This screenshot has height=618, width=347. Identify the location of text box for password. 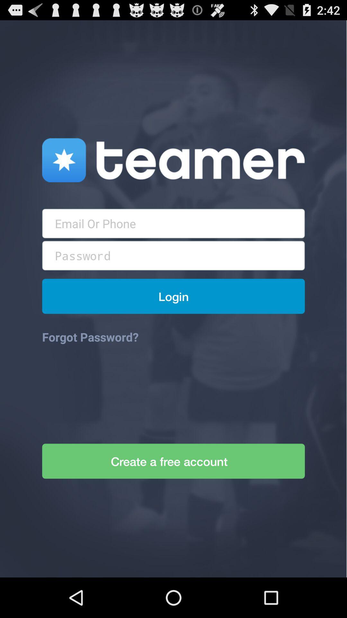
(173, 255).